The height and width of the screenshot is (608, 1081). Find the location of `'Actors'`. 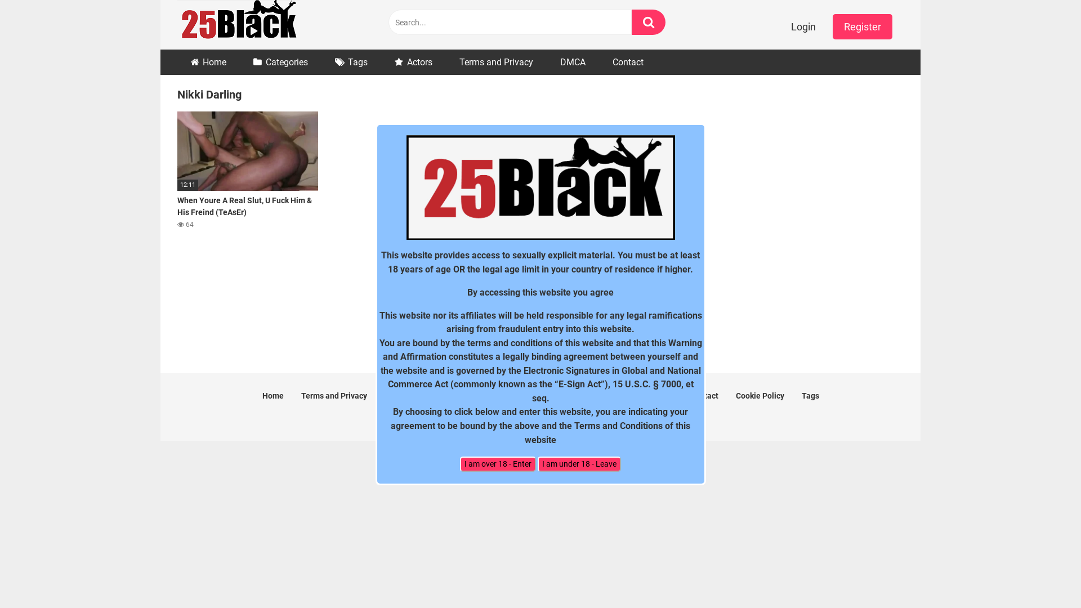

'Actors' is located at coordinates (413, 62).